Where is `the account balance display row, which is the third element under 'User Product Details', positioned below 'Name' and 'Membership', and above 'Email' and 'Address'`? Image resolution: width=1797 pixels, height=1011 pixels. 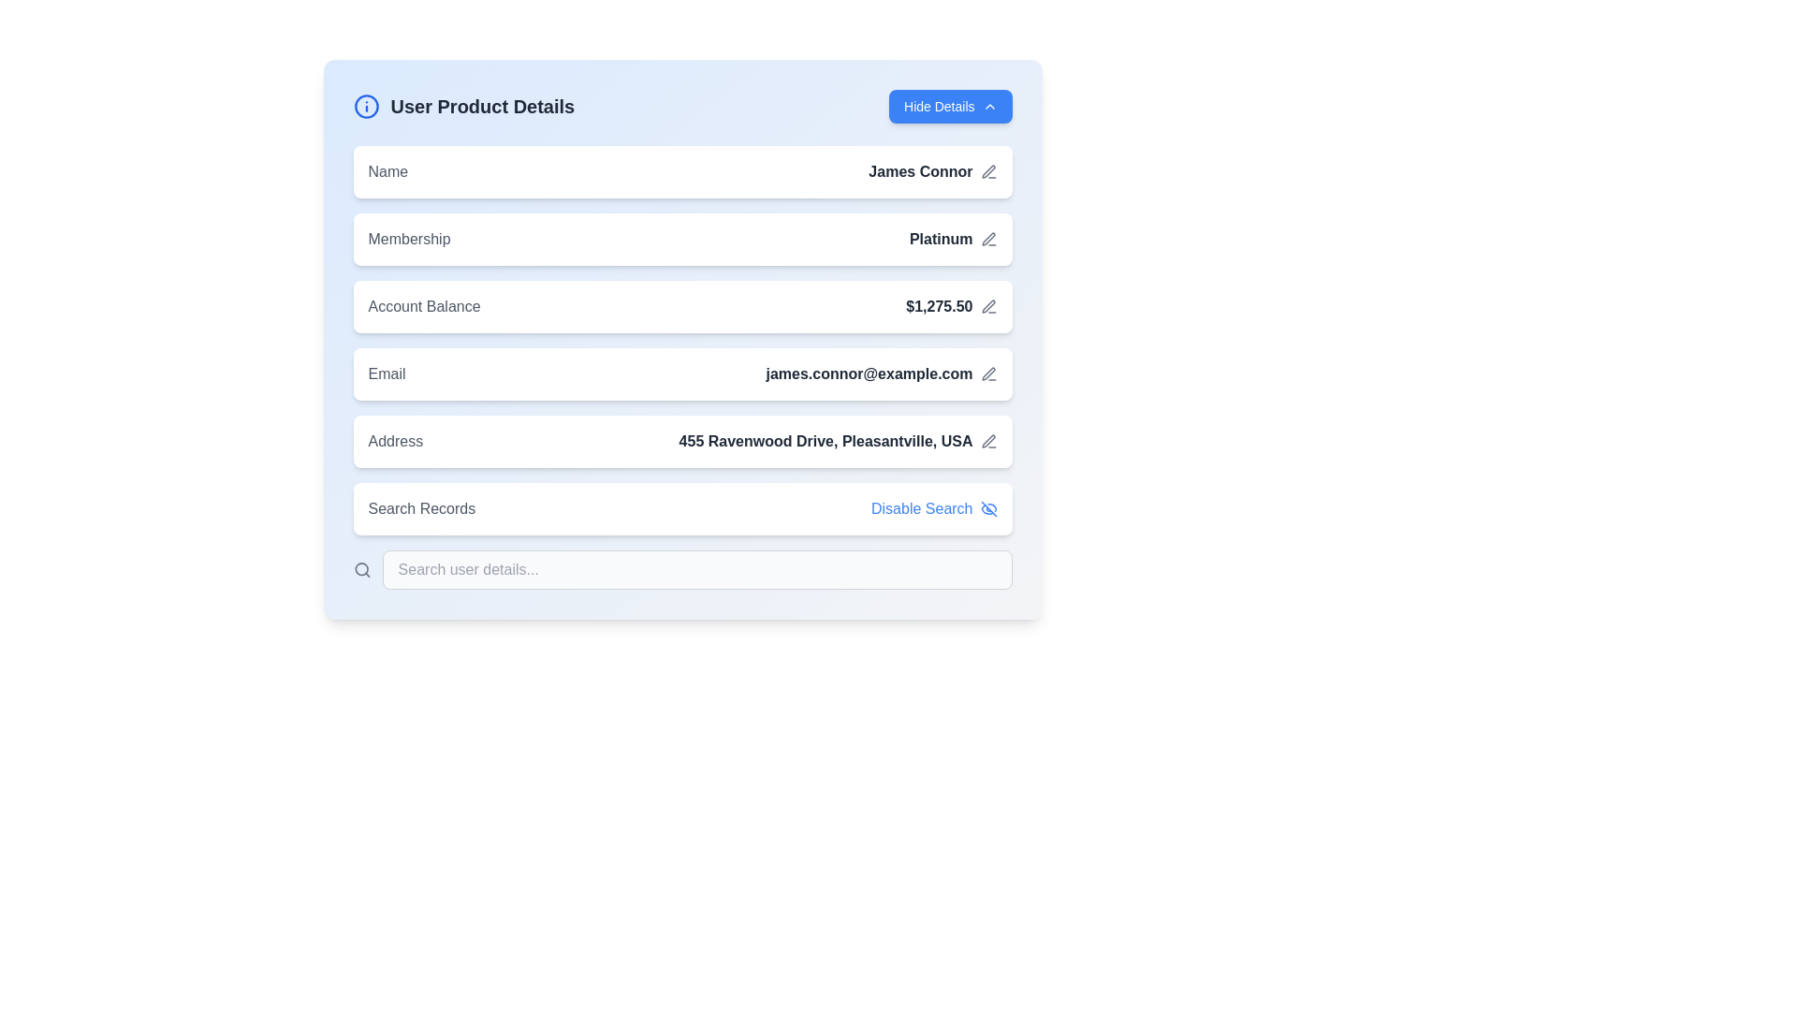 the account balance display row, which is the third element under 'User Product Details', positioned below 'Name' and 'Membership', and above 'Email' and 'Address' is located at coordinates (681, 305).